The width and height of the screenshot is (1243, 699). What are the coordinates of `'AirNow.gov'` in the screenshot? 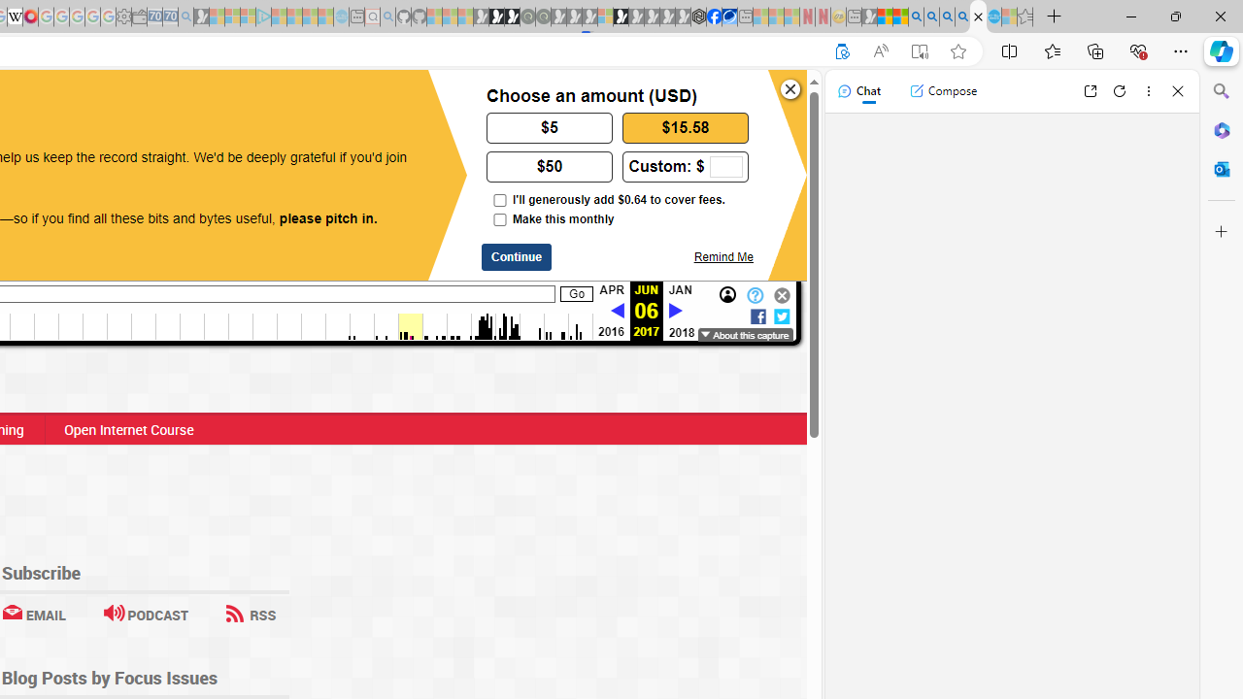 It's located at (728, 17).